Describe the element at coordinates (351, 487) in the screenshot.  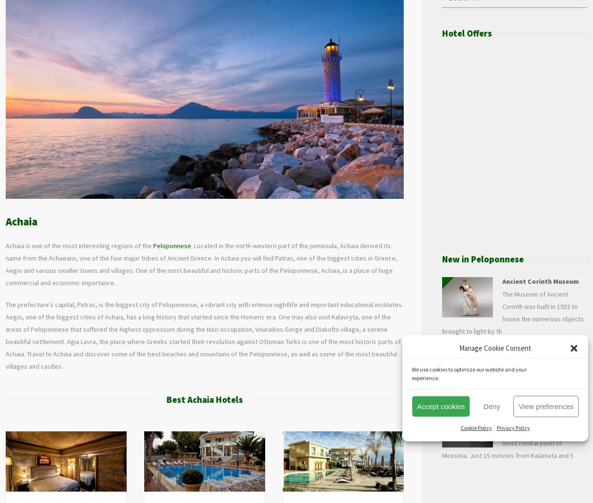
I see `'Sykia, Xylokastro, 20400, Greece'` at that location.